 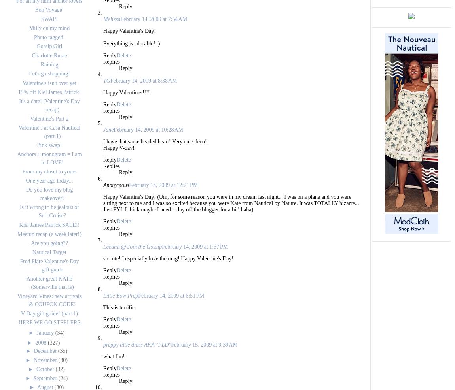 I want to click on 'February 14, 2009 at 8:38 AM', so click(x=143, y=80).